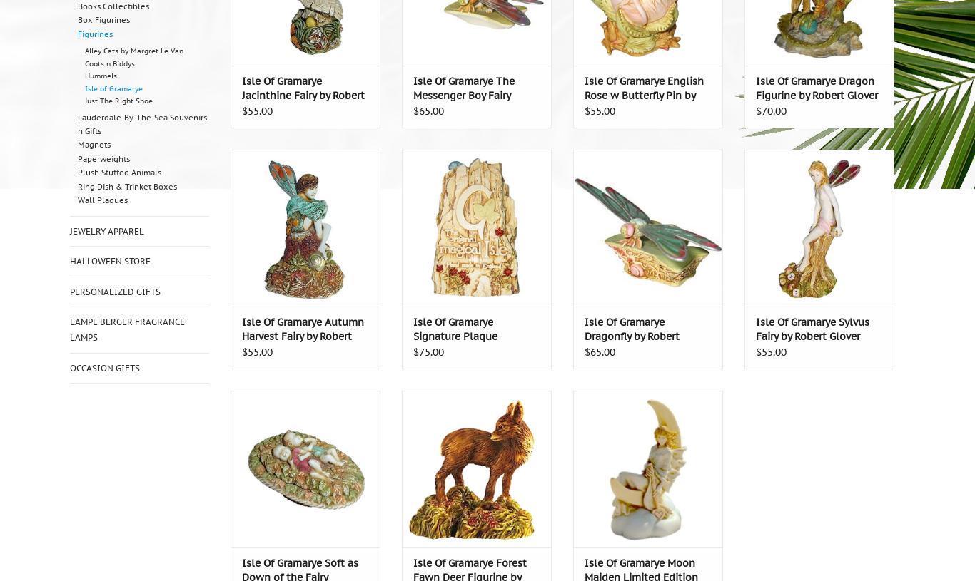 This screenshot has width=975, height=581. What do you see at coordinates (465, 343) in the screenshot?
I see `'Isle Of Gramarye Signature Plaque Guardian Redemption Piece'` at bounding box center [465, 343].